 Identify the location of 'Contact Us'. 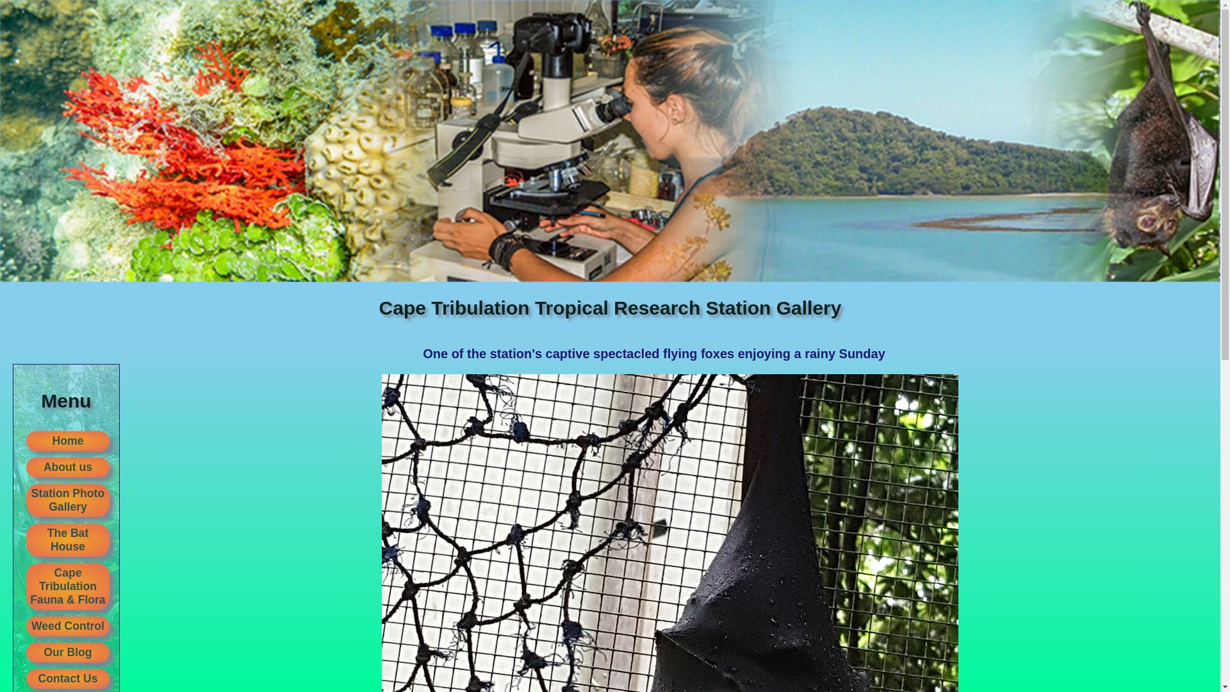
(67, 678).